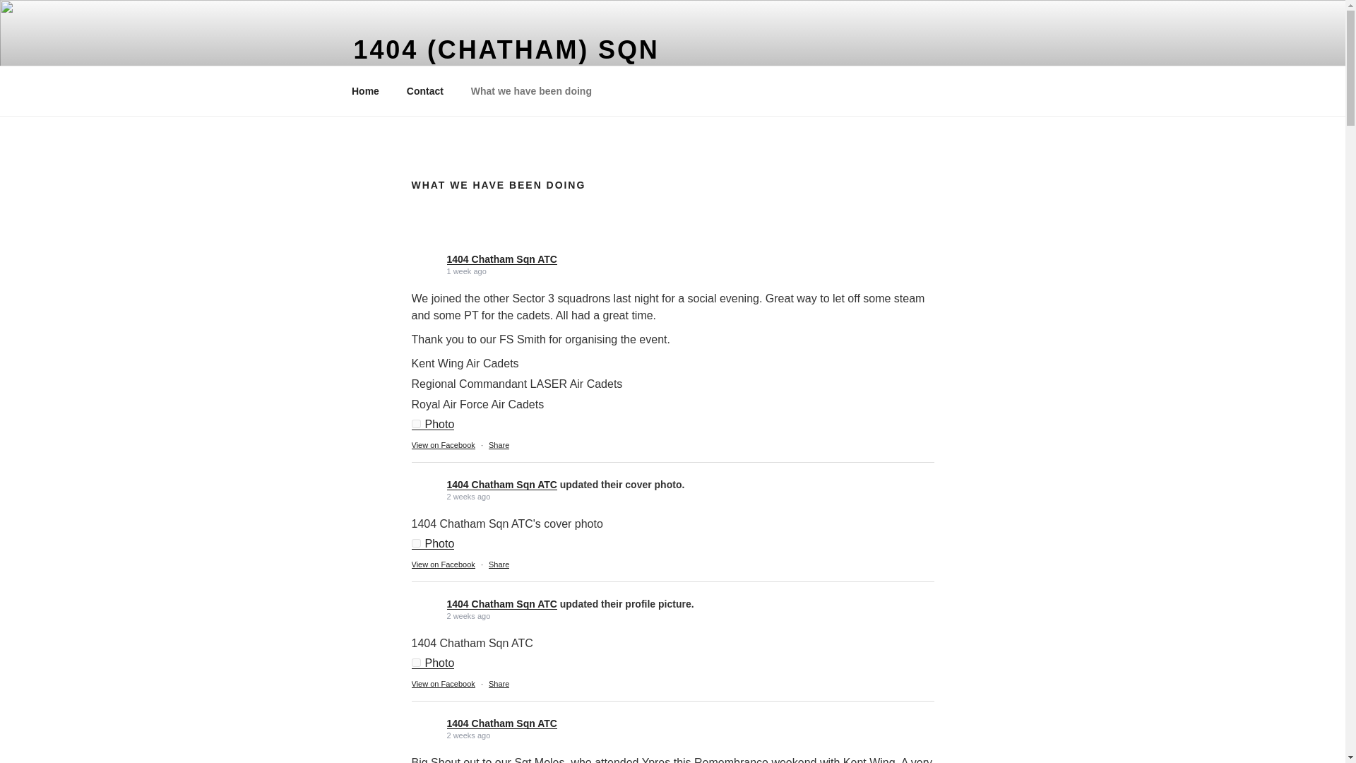  I want to click on 'Share', so click(499, 444).